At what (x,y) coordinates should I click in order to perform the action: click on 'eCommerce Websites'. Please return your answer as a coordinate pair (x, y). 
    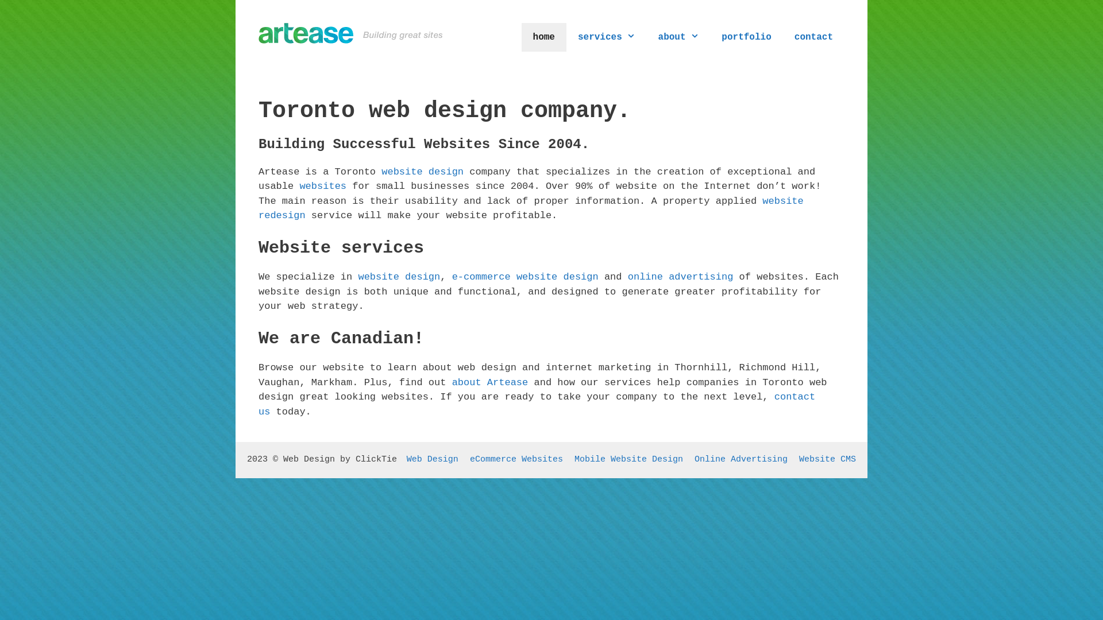
    Looking at the image, I should click on (515, 459).